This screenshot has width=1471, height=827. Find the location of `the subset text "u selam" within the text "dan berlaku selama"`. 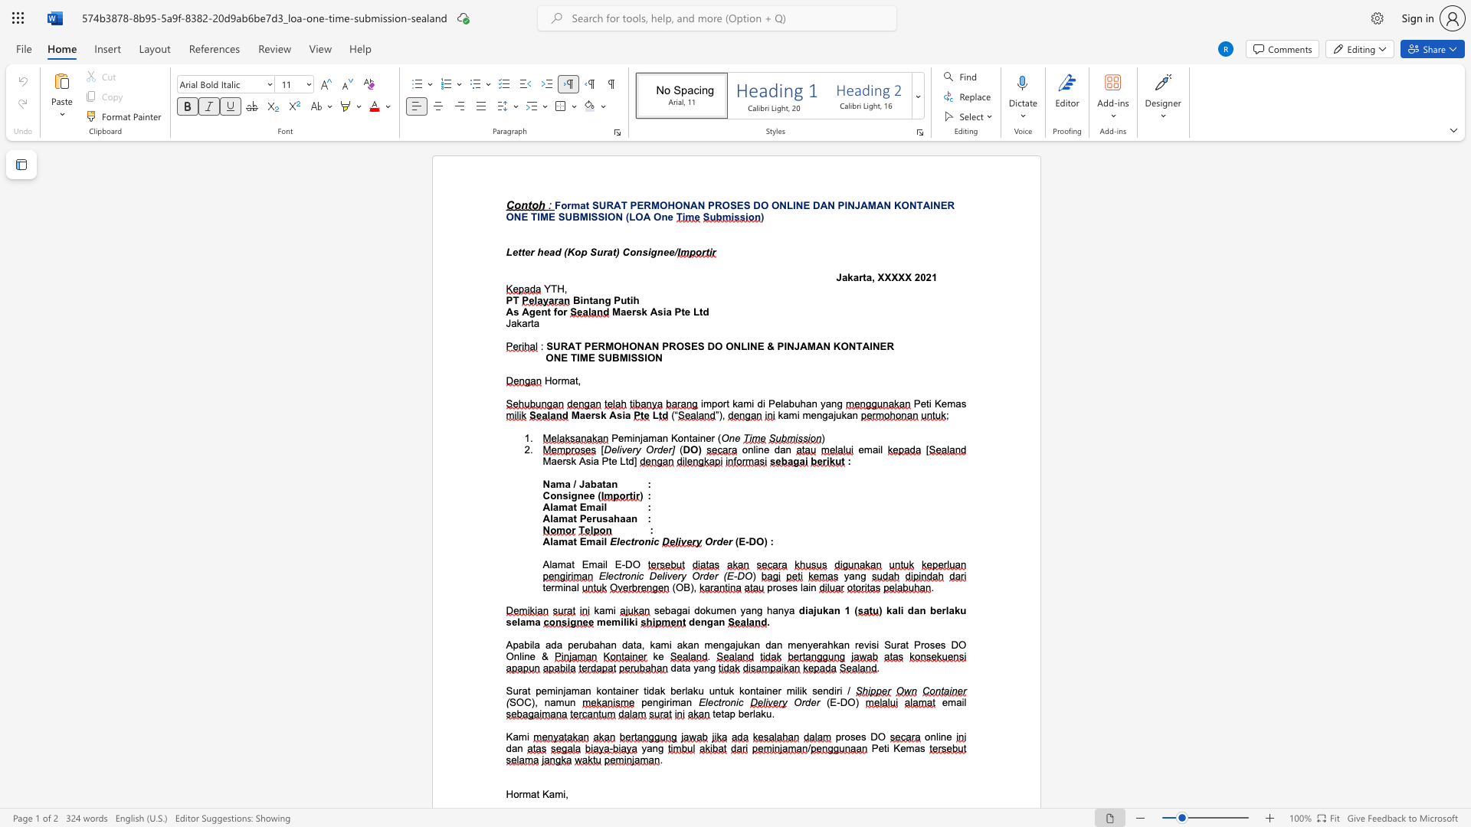

the subset text "u selam" within the text "dan berlaku selama" is located at coordinates (959, 610).